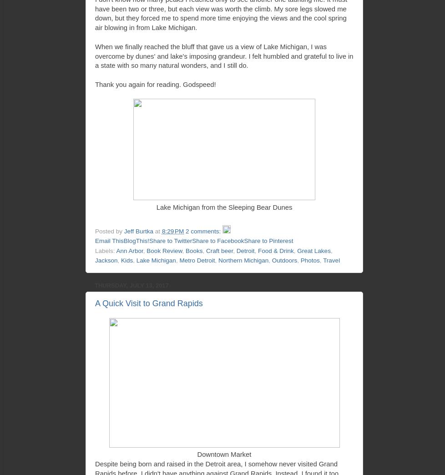  Describe the element at coordinates (95, 83) in the screenshot. I see `'Thank you again for reading. Godspeed!'` at that location.